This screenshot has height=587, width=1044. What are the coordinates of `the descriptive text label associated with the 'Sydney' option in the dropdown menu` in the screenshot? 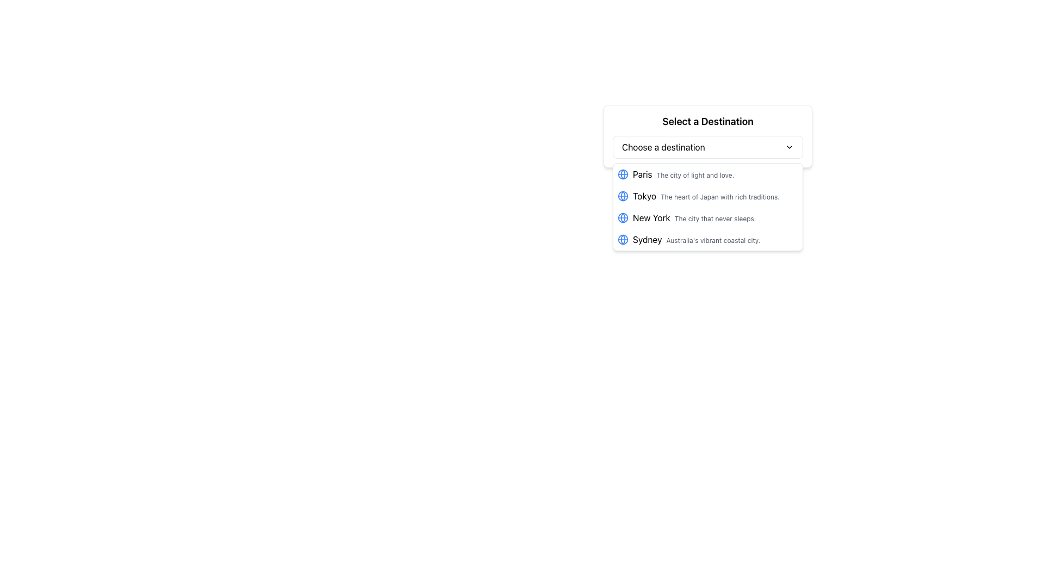 It's located at (713, 240).